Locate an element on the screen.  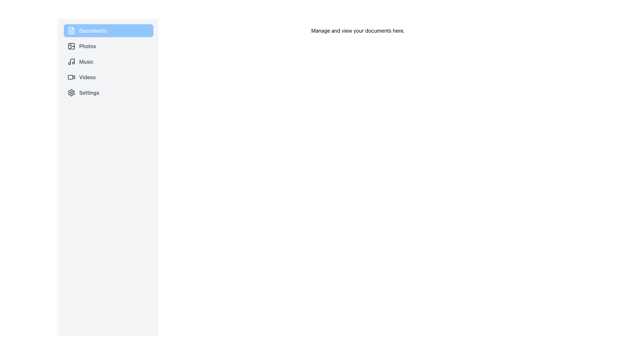
the musical note icon in the sidebar menu labeled 'Music' is located at coordinates (72, 61).